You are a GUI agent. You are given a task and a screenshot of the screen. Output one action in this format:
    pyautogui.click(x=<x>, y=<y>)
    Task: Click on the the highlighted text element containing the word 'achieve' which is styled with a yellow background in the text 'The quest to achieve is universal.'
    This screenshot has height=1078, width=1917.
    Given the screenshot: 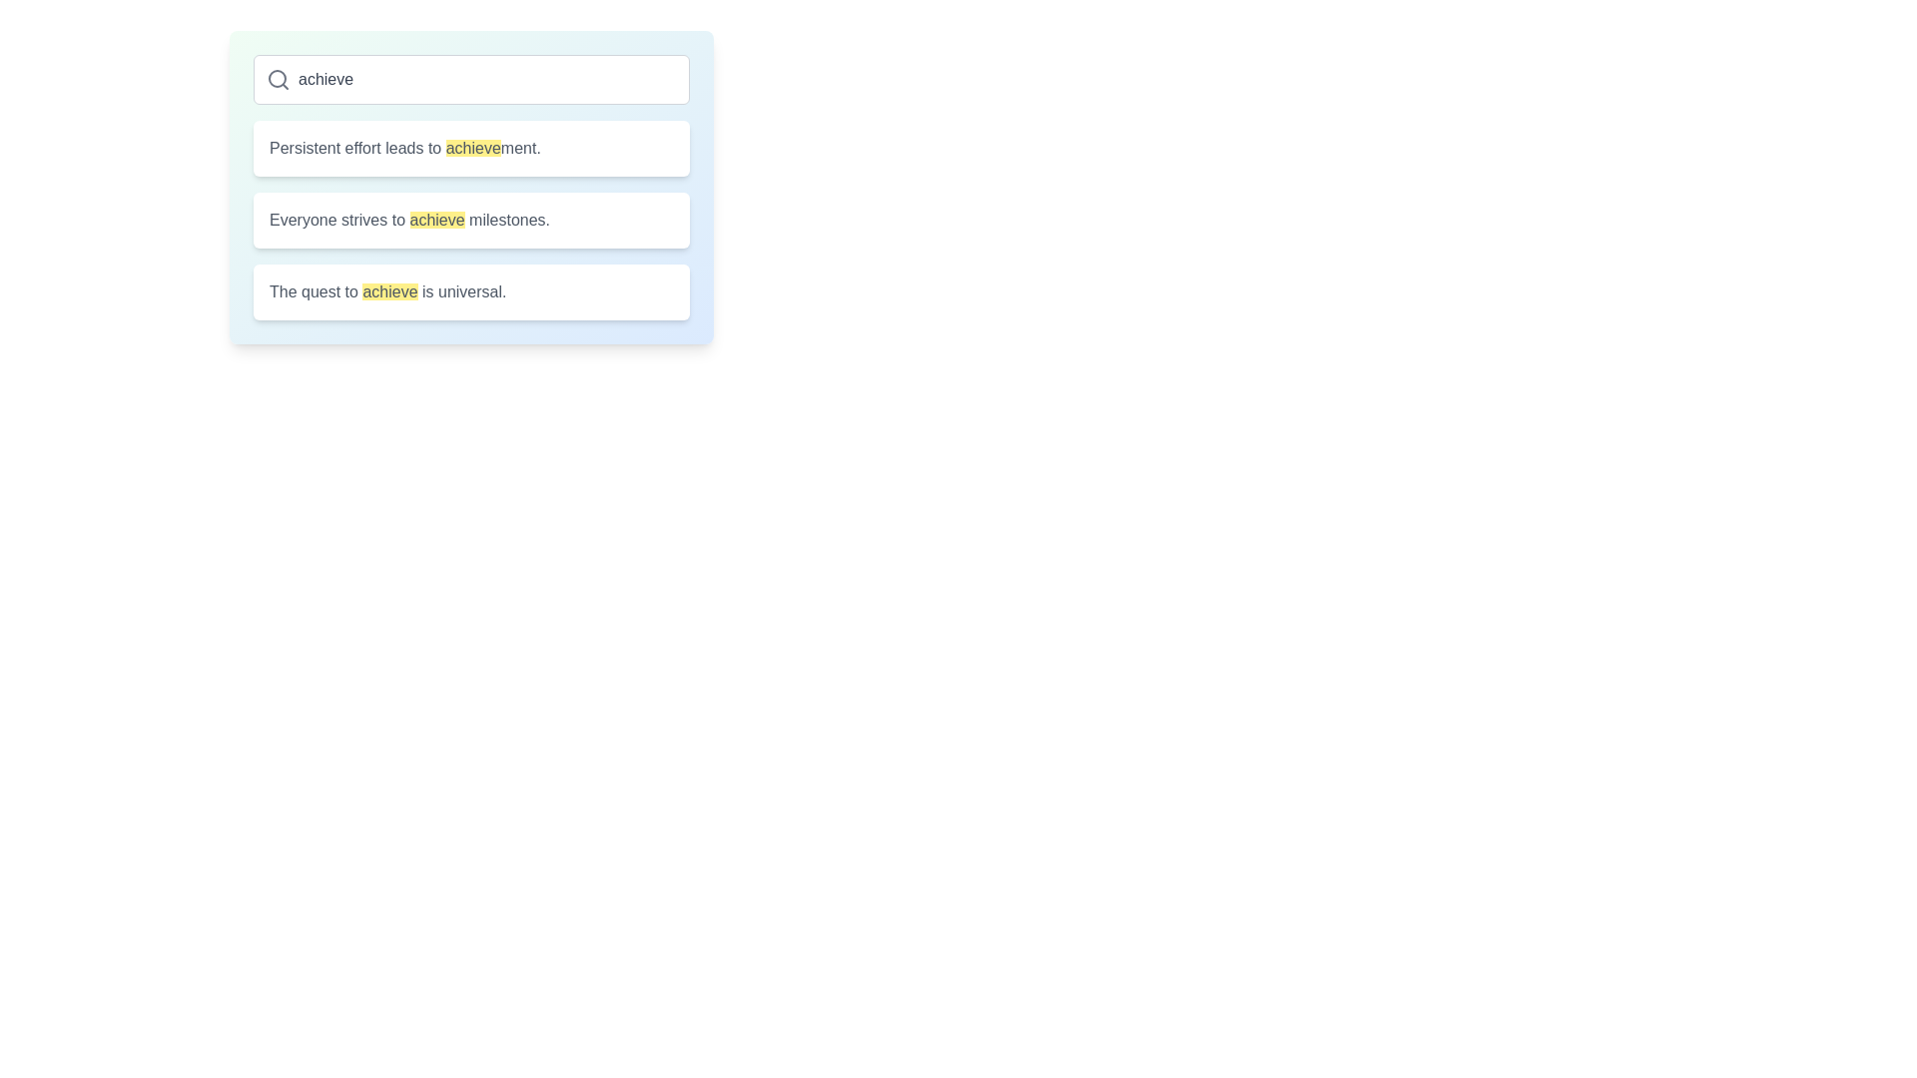 What is the action you would take?
    pyautogui.click(x=389, y=291)
    